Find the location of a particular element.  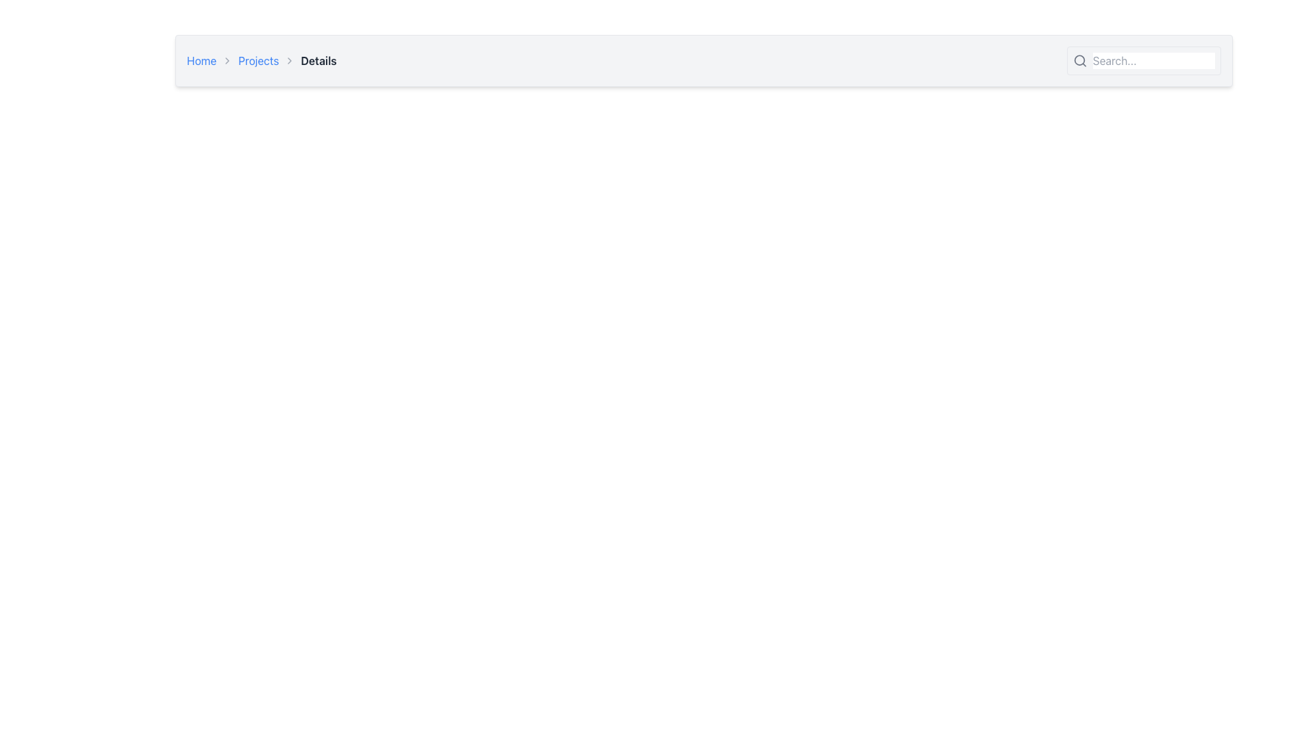

the rightward-pointing chevron icon in the navigation breadcrumb trail, which is styled in light gray and separates 'Home' and 'Projects' is located at coordinates (227, 60).